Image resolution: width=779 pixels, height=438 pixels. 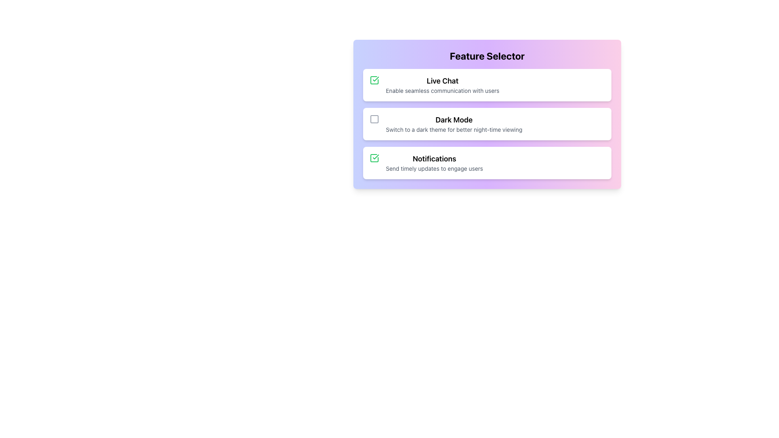 What do you see at coordinates (487, 56) in the screenshot?
I see `the 'Feature Selector' text label displayed in bold, black font at the top of the feature card with a gradient background from purple to pink` at bounding box center [487, 56].